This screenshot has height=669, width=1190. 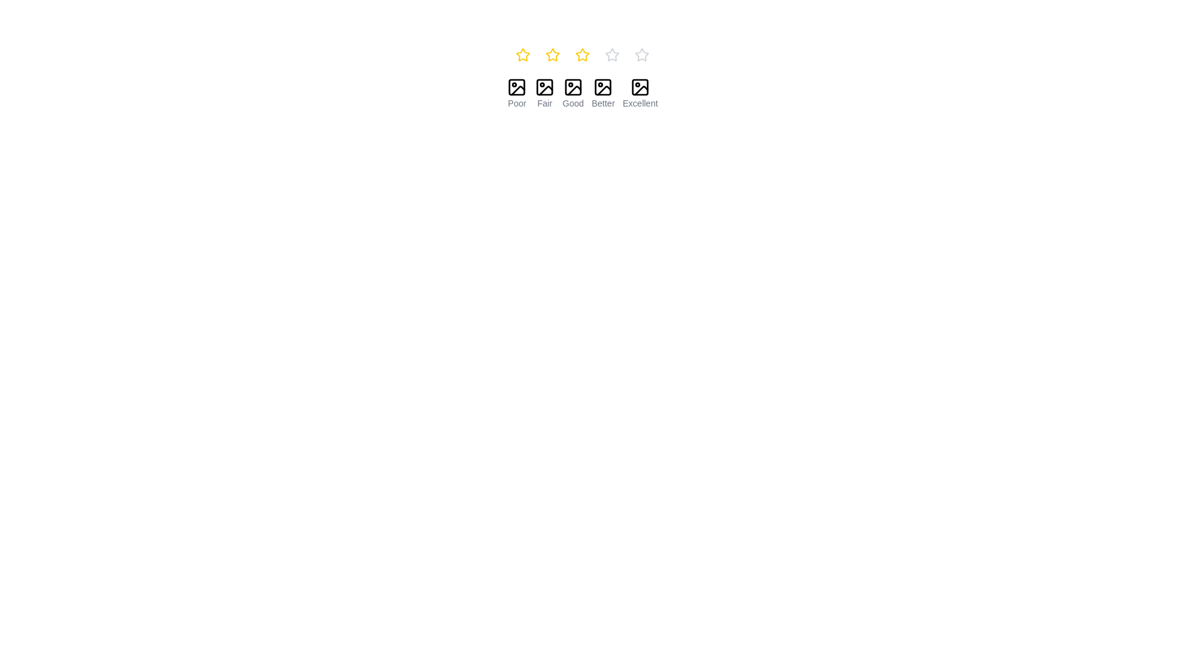 What do you see at coordinates (552, 54) in the screenshot?
I see `the second yellow-filled star icon in the rating mechanism` at bounding box center [552, 54].